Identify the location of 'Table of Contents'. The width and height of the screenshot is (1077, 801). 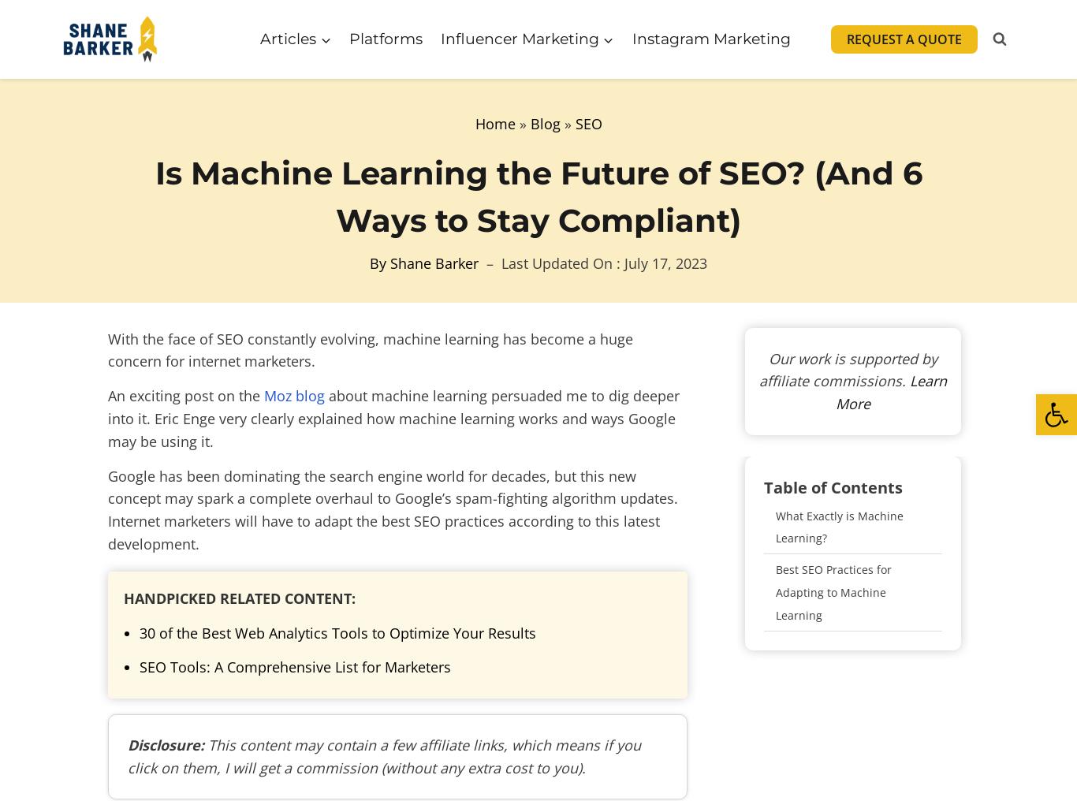
(833, 486).